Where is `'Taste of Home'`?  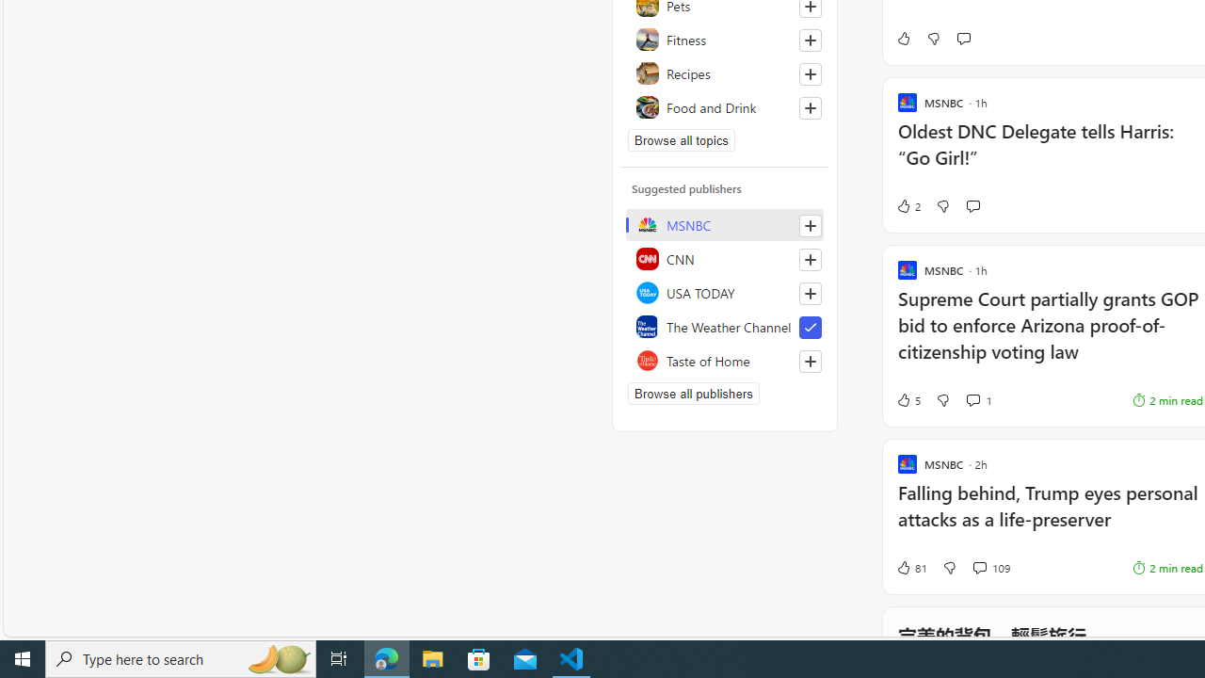 'Taste of Home' is located at coordinates (724, 361).